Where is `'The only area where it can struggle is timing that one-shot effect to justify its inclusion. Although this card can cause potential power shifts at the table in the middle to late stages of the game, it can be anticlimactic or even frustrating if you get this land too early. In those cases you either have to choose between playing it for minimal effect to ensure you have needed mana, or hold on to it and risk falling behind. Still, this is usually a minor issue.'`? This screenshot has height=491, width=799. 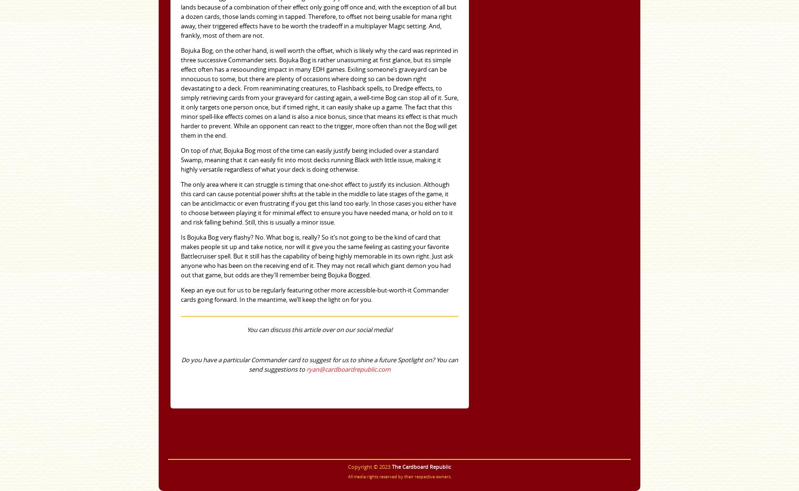
'The only area where it can struggle is timing that one-shot effect to justify its inclusion. Although this card can cause potential power shifts at the table in the middle to late stages of the game, it can be anticlimactic or even frustrating if you get this land too early. In those cases you either have to choose between playing it for minimal effect to ensure you have needed mana, or hold on to it and risk falling behind. Still, this is usually a minor issue.' is located at coordinates (318, 203).